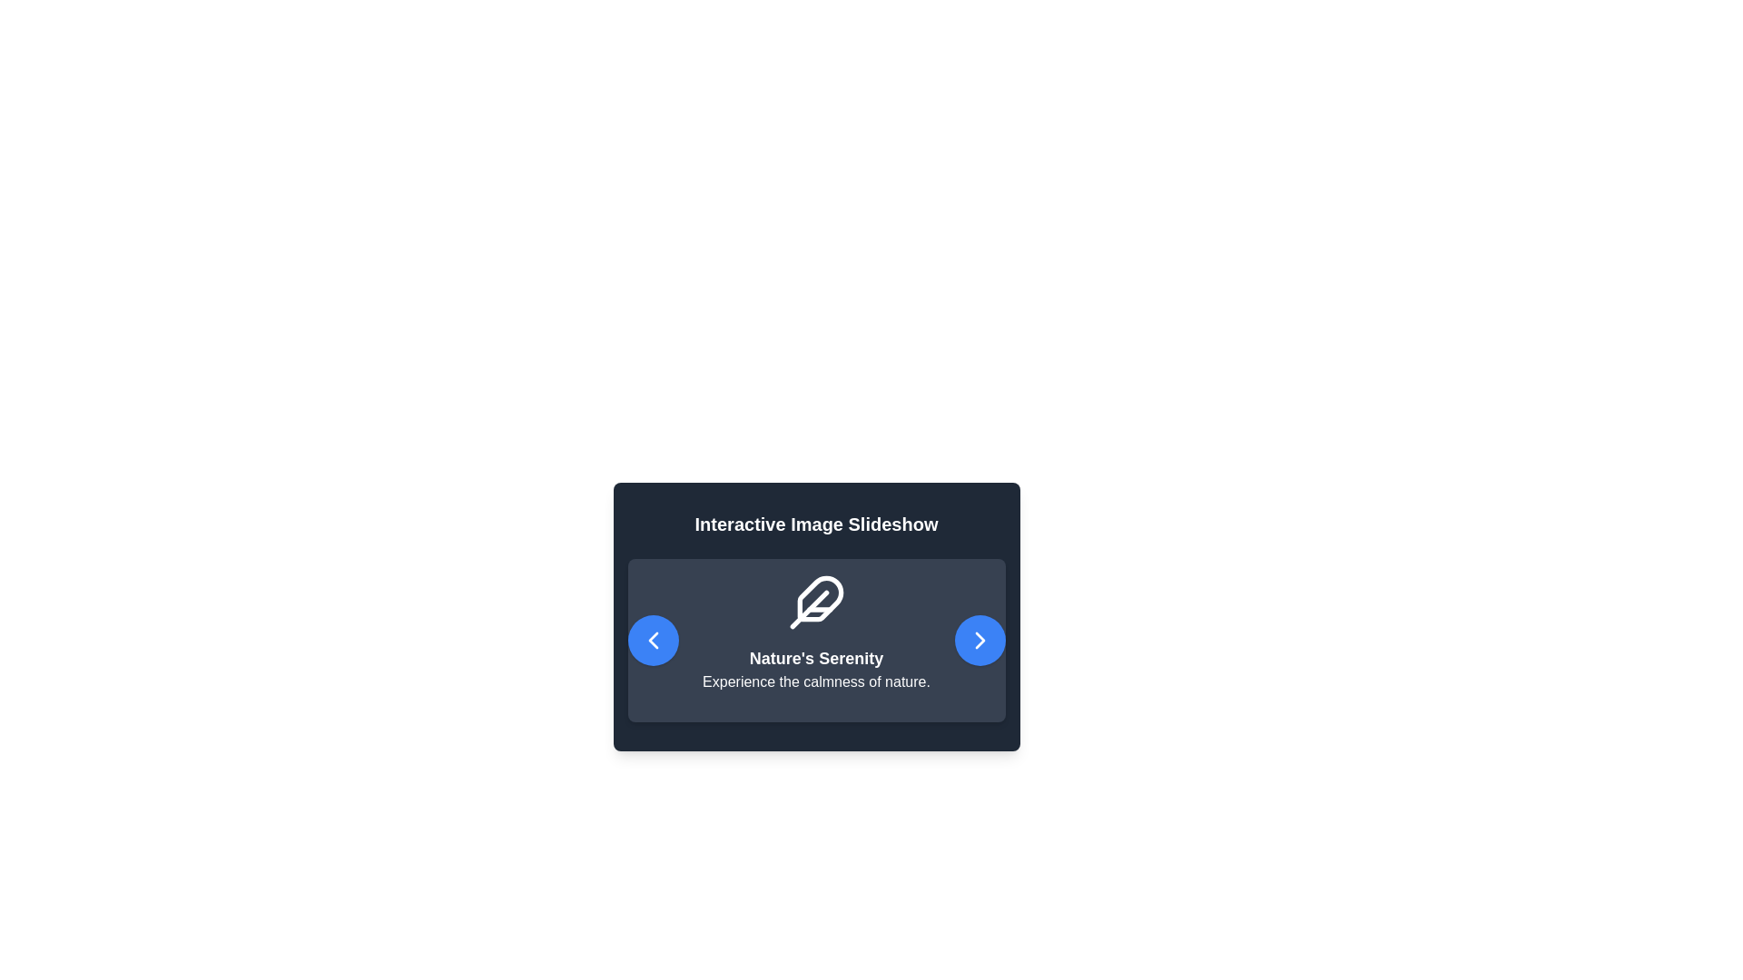  Describe the element at coordinates (819, 598) in the screenshot. I see `the stylized feather icon with a sleek, rounded design and a dark blue background, which is positioned directly above the text 'Nature's Serenity'` at that location.